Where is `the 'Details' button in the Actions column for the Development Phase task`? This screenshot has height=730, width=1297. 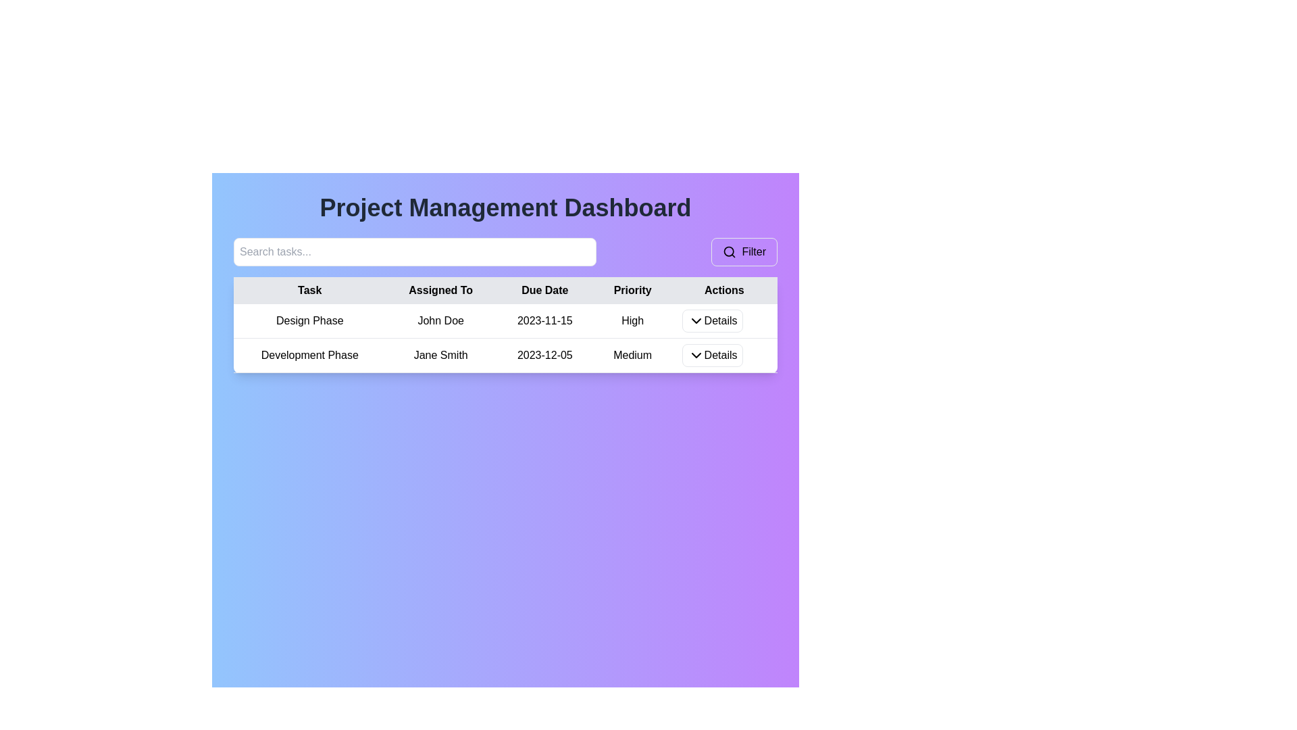
the 'Details' button in the Actions column for the Development Phase task is located at coordinates (723, 354).